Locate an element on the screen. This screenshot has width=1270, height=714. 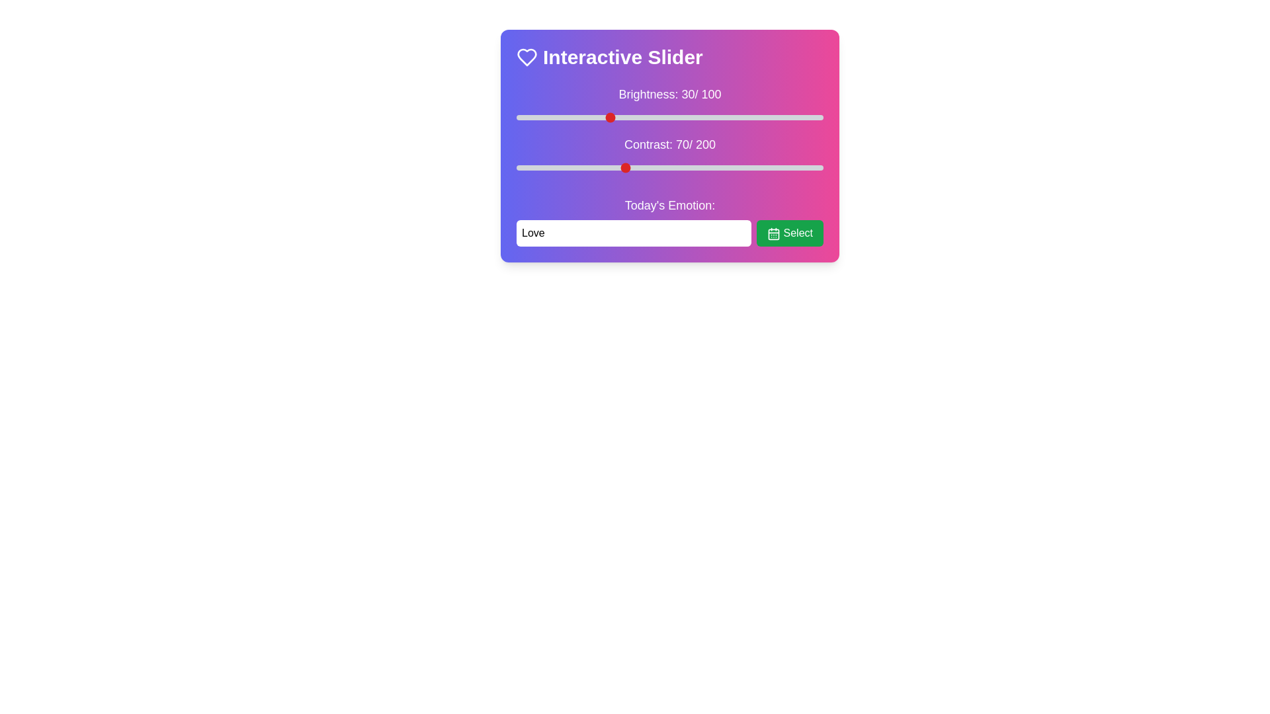
the contrast slider to 163 is located at coordinates (767, 167).